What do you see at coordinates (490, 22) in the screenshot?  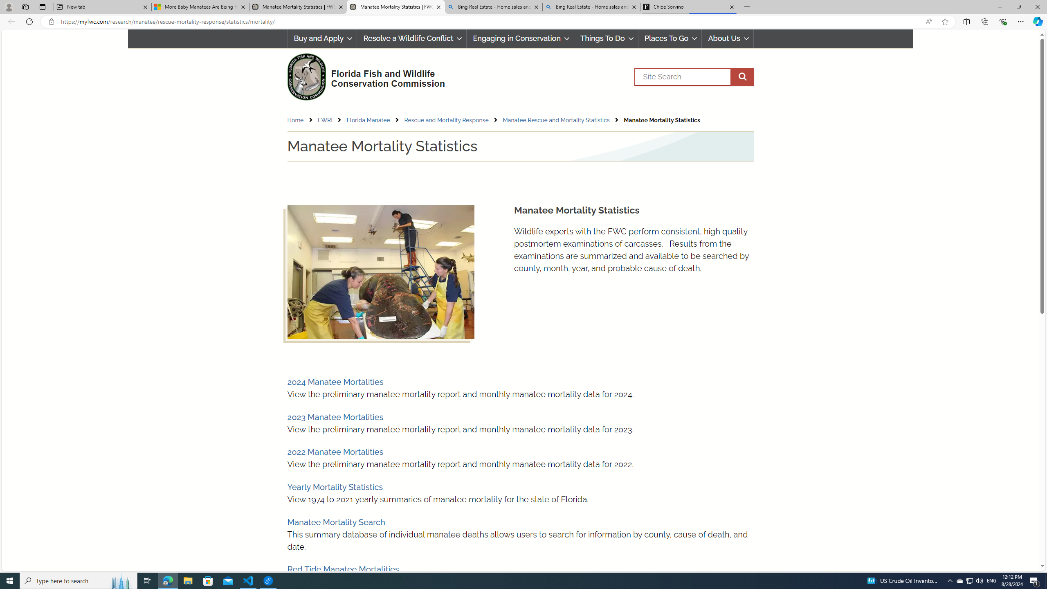 I see `'Address and search bar'` at bounding box center [490, 22].